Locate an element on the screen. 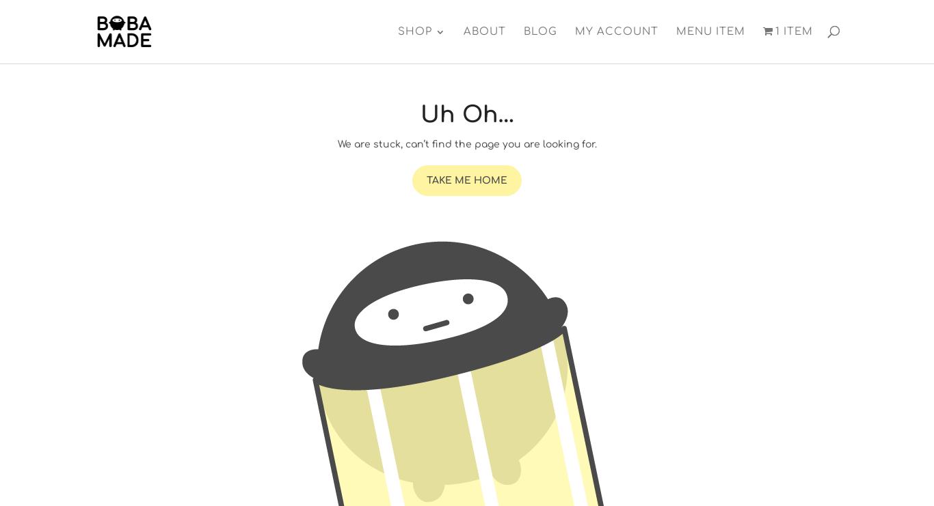 The height and width of the screenshot is (506, 934). 'Shop' is located at coordinates (413, 31).